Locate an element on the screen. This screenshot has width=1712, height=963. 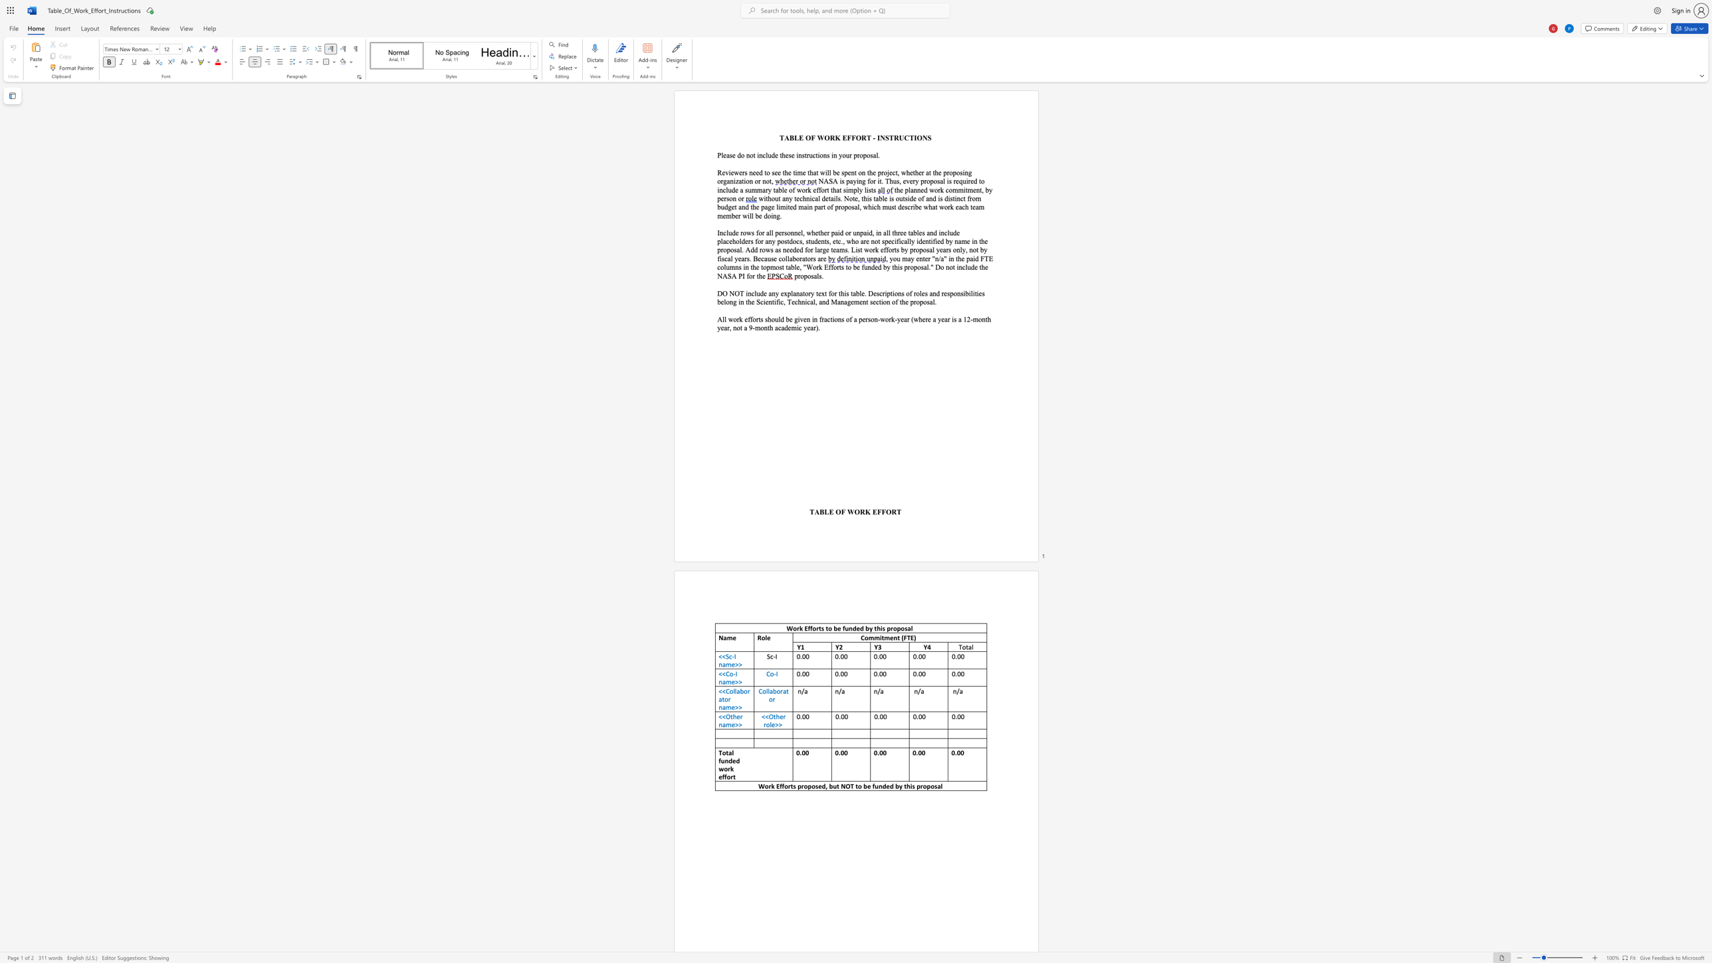
the space between the continuous character "l" and "." in the text is located at coordinates (877, 155).